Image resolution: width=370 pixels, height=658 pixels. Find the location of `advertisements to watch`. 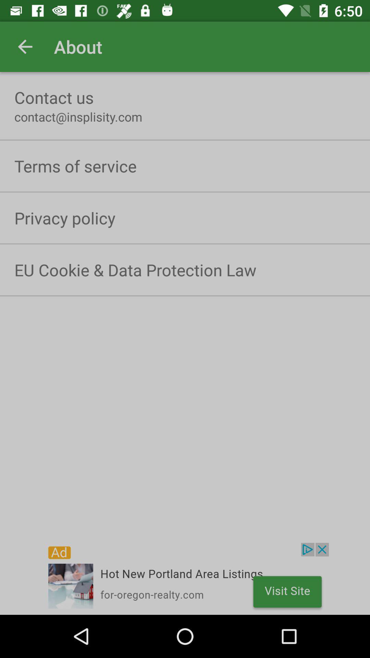

advertisements to watch is located at coordinates (185, 578).